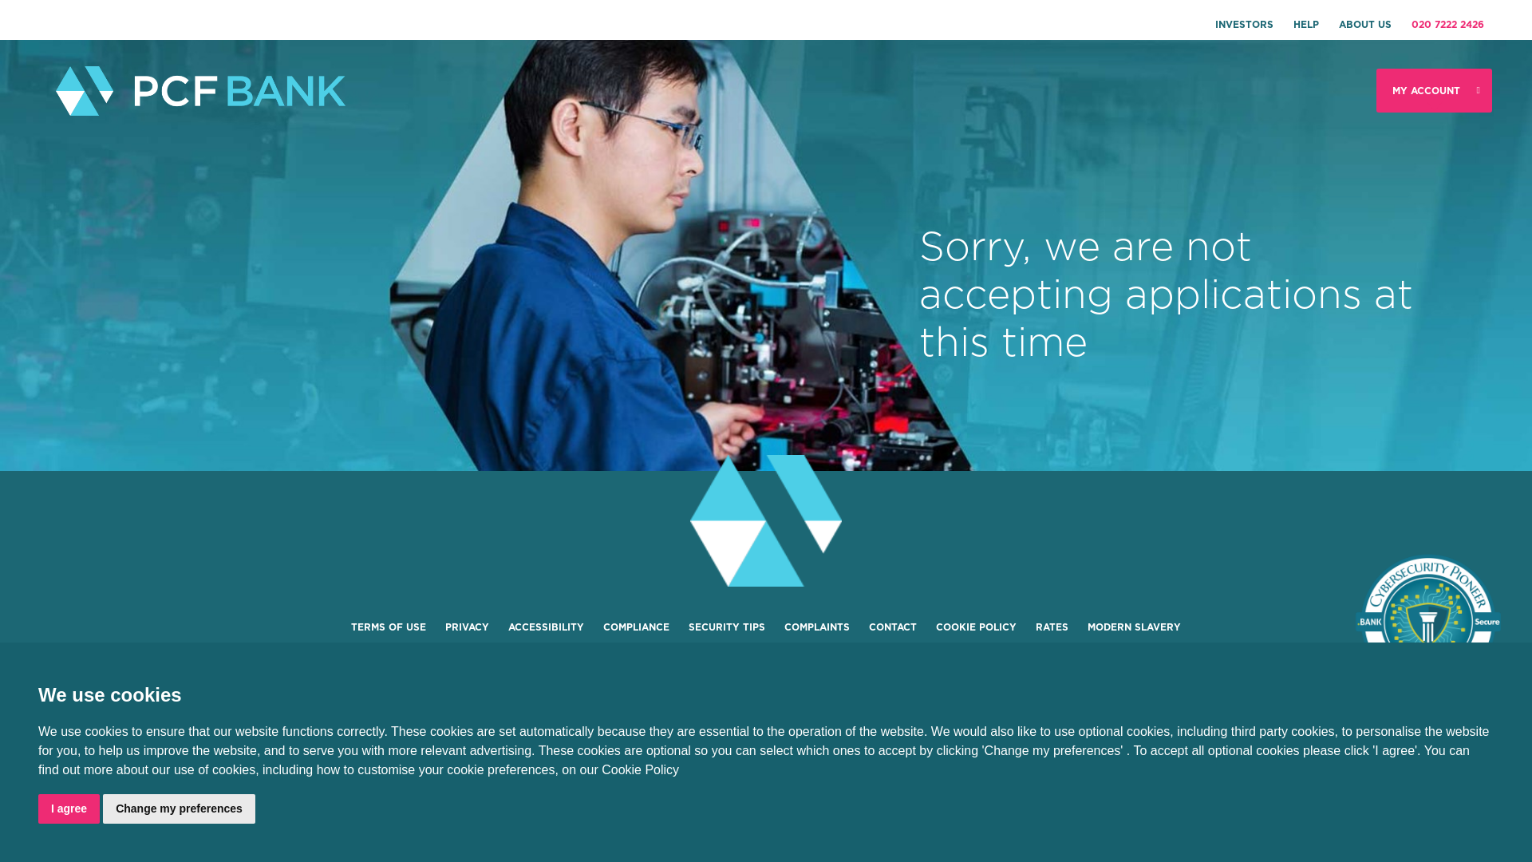 The height and width of the screenshot is (862, 1532). Describe the element at coordinates (1434, 90) in the screenshot. I see `'MY ACCOUNT'` at that location.